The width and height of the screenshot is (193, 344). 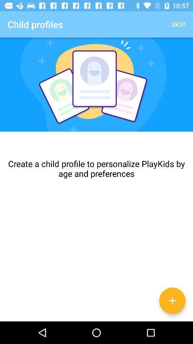 What do you see at coordinates (172, 301) in the screenshot?
I see `the item below create a child item` at bounding box center [172, 301].